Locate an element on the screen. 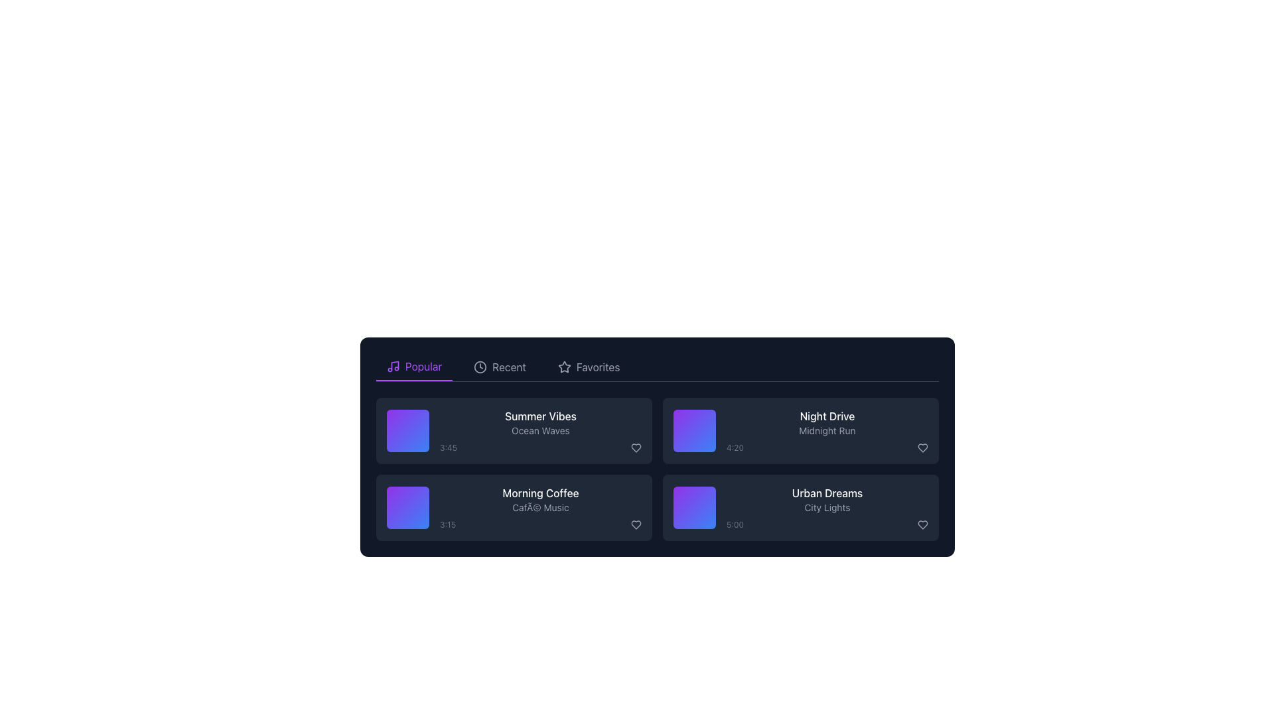  the image tile or button that serves as a visual representation of a media item, located in the bottom-right section of the interface grid is located at coordinates (693, 507).